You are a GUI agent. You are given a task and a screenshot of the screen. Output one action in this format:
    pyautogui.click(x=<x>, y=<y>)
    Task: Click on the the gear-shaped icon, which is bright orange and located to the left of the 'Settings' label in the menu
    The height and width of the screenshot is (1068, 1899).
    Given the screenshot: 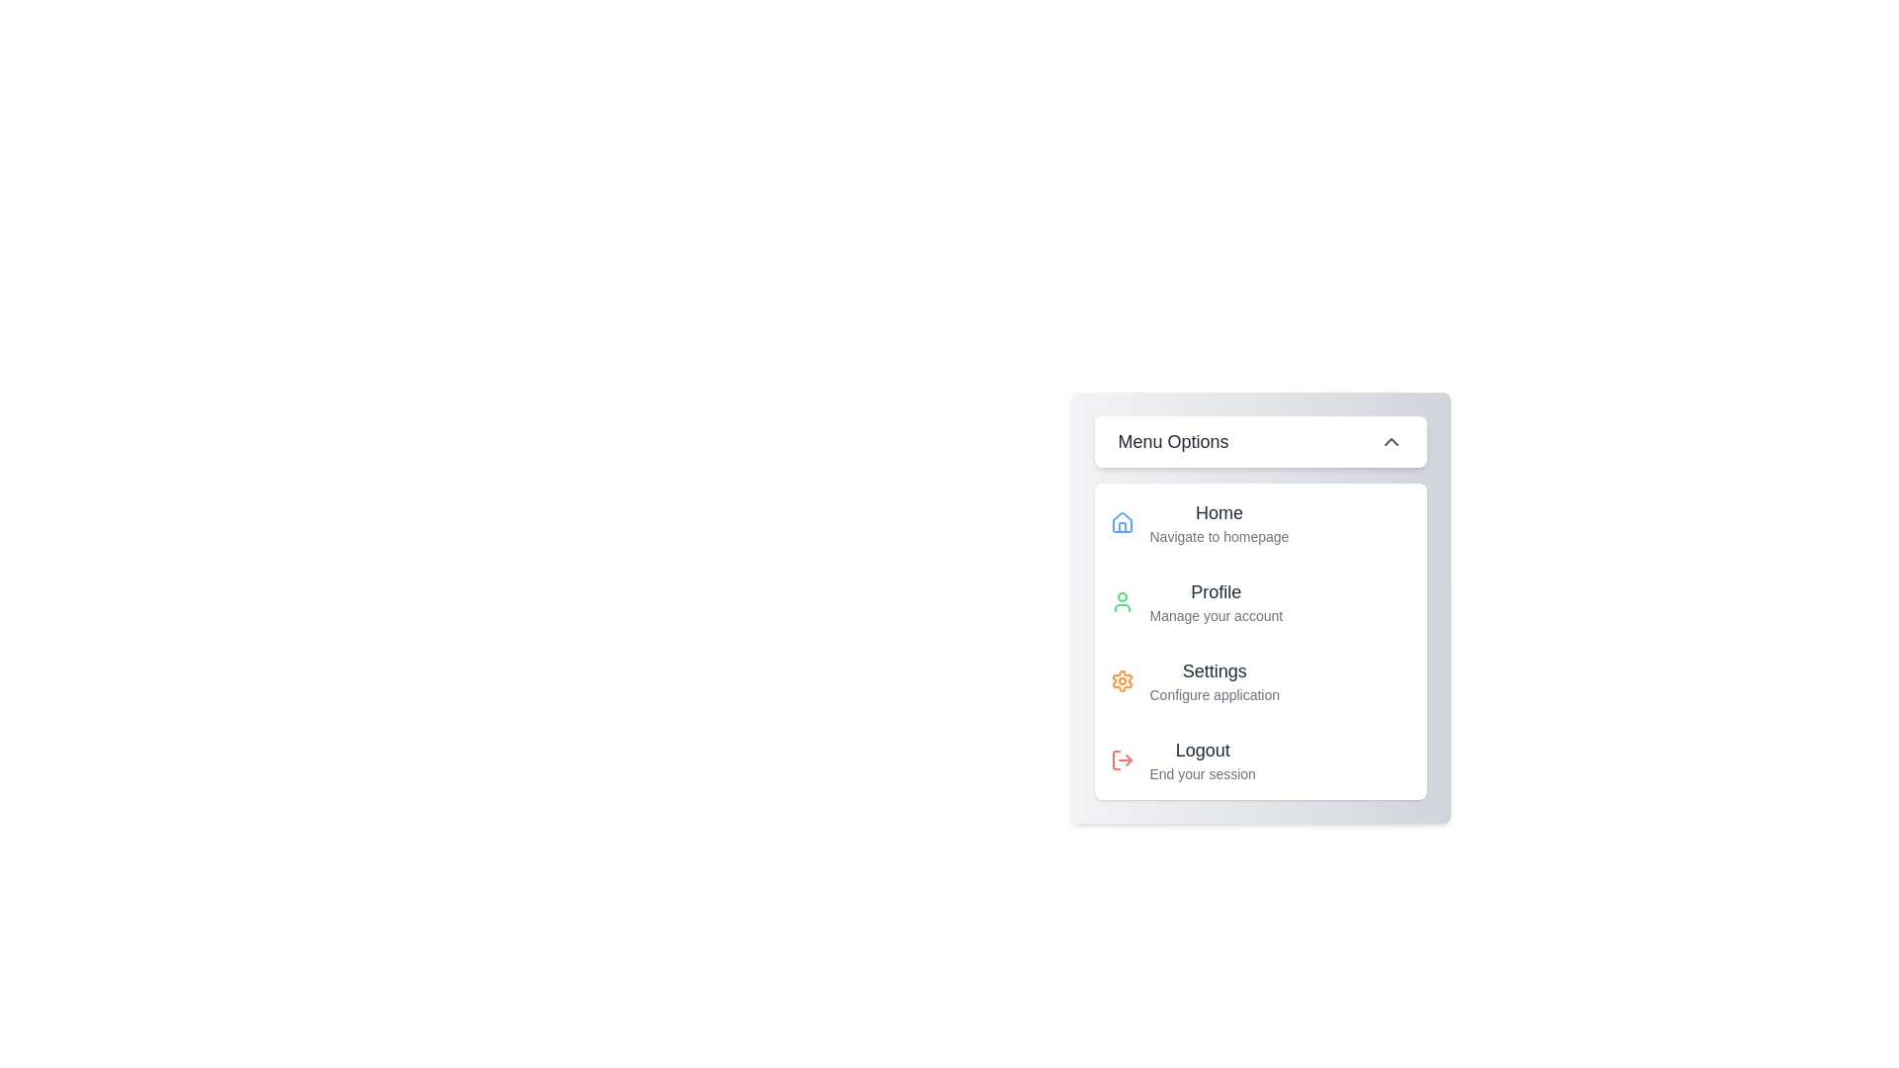 What is the action you would take?
    pyautogui.click(x=1122, y=680)
    